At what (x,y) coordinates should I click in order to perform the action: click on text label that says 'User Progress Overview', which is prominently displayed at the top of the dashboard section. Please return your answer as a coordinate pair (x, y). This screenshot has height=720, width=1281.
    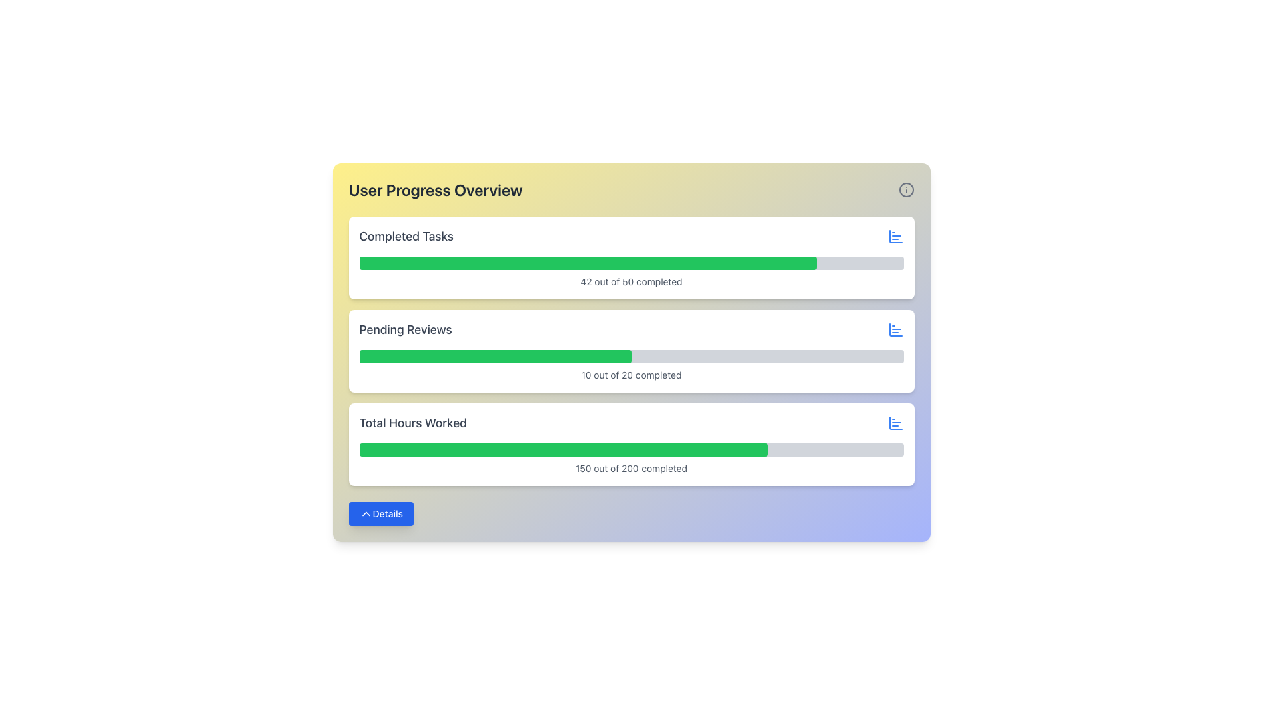
    Looking at the image, I should click on (436, 190).